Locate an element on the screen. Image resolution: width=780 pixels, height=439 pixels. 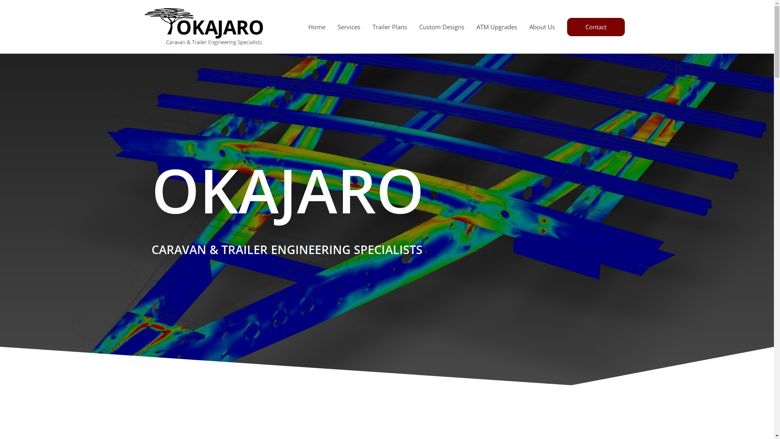
'Services' is located at coordinates (349, 26).